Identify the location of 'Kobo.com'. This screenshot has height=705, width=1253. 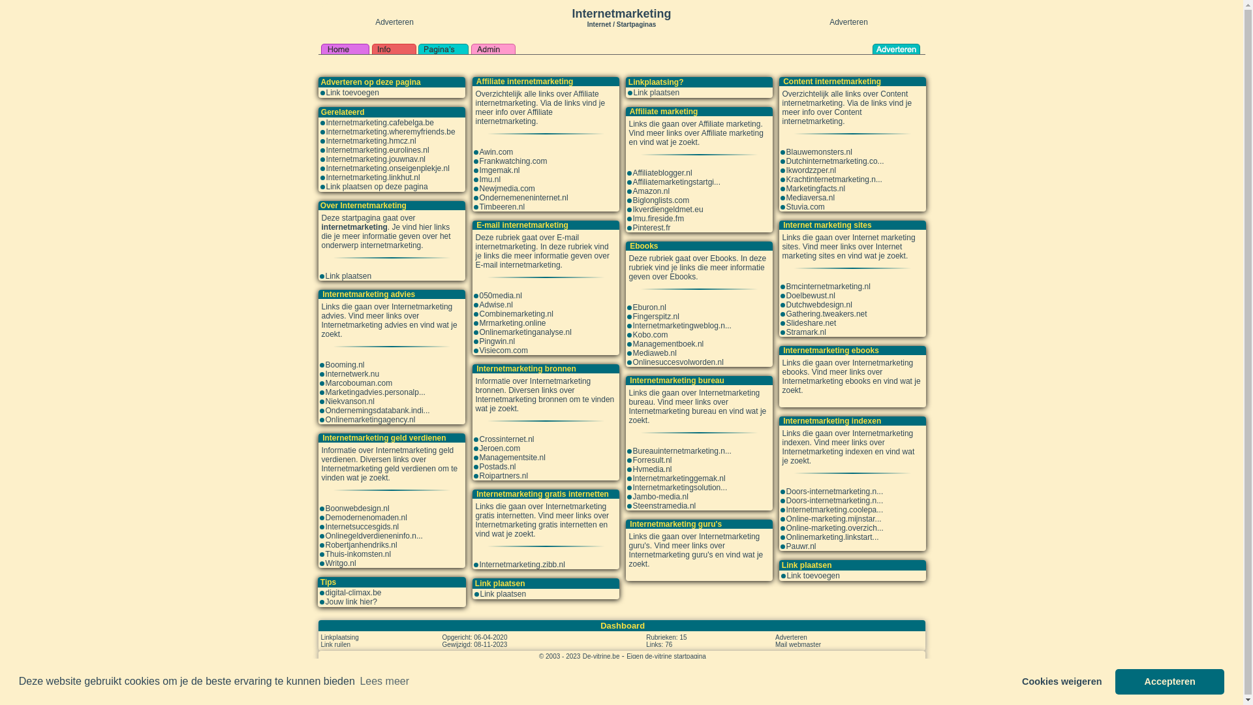
(651, 334).